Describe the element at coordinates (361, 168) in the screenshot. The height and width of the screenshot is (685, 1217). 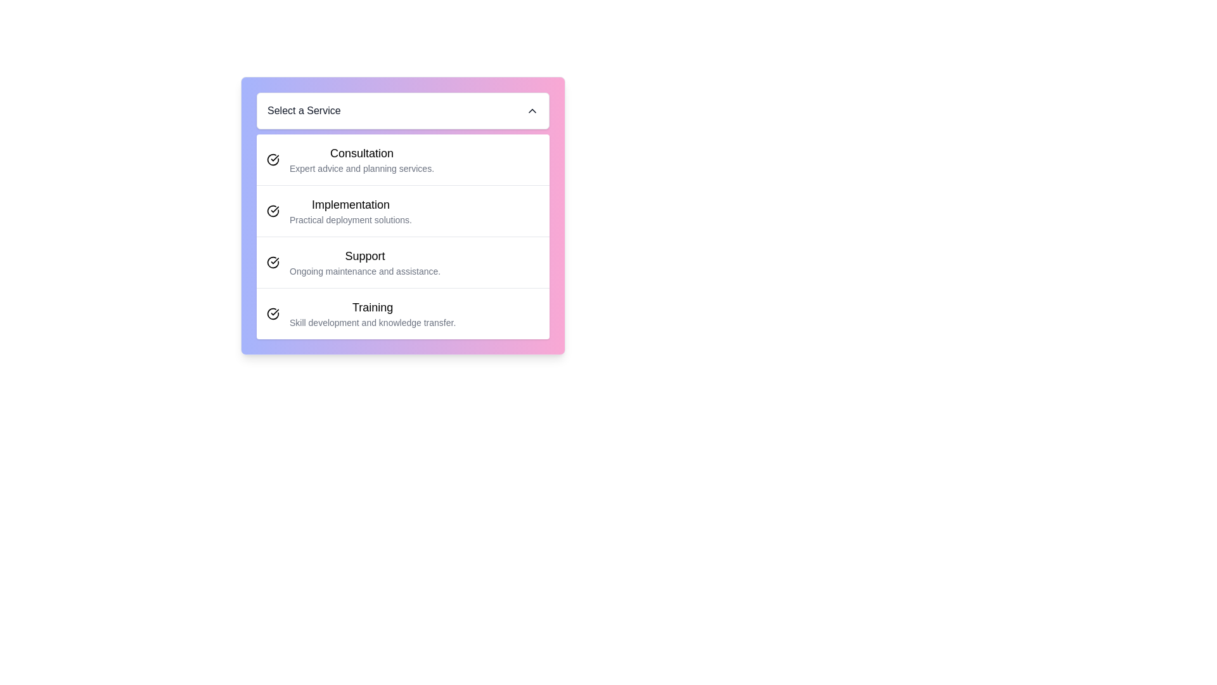
I see `the text element containing 'Expert advice and planning services.' which is located directly beneath the 'Consultation' heading in the 'Select a Service' menu` at that location.